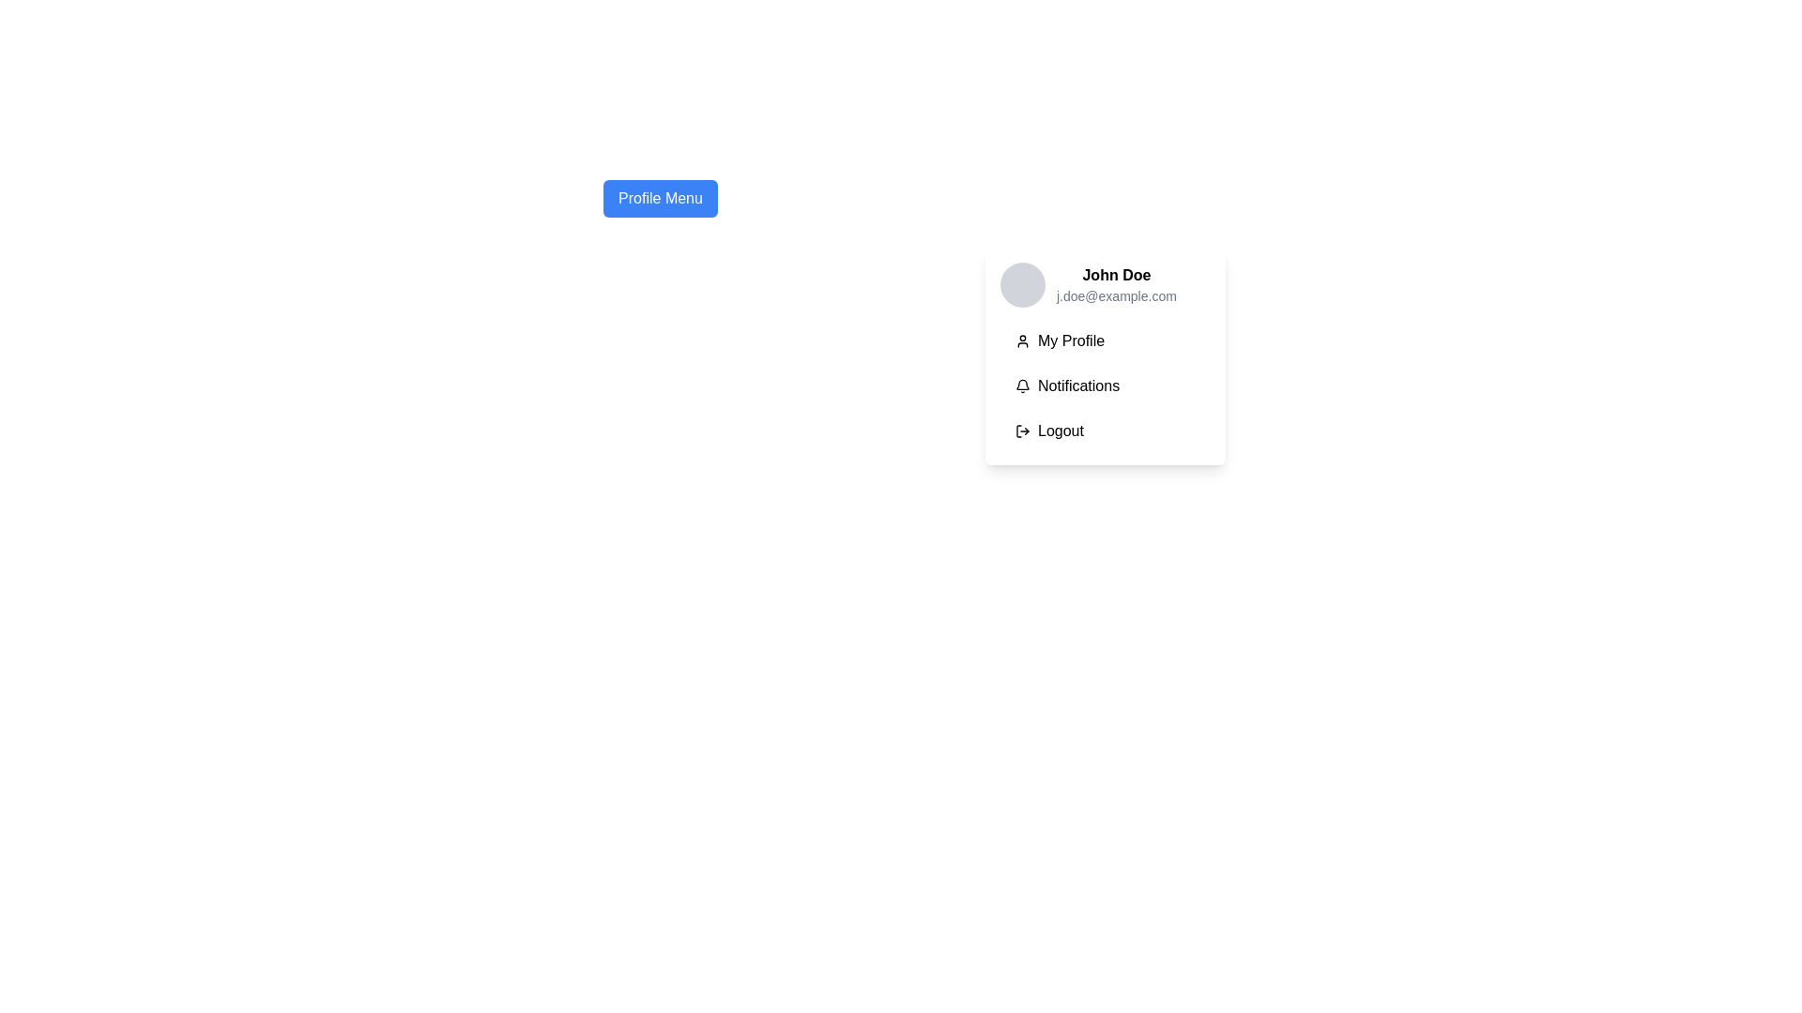  I want to click on the blue rectangular button labeled 'Profile Menu', so click(661, 199).